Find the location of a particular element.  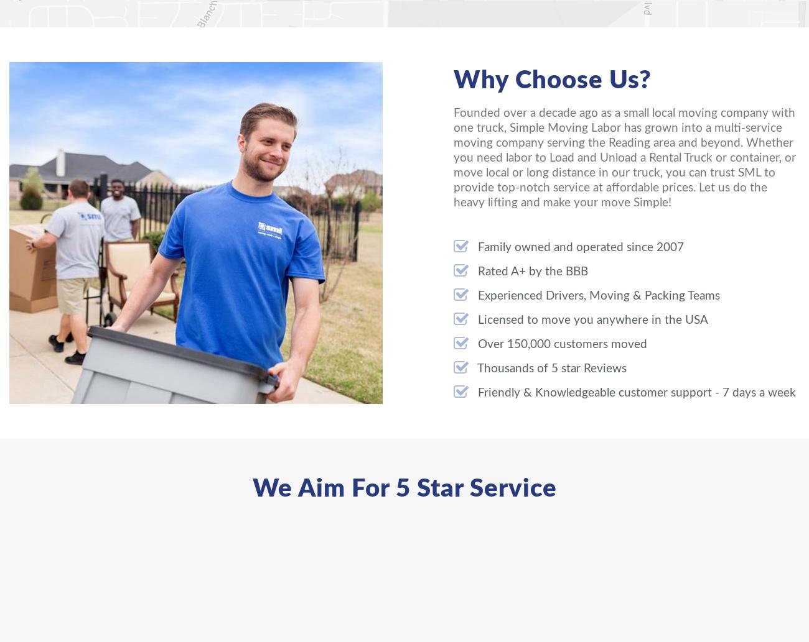

'Founded over a decade ago as a small local moving company with one truck, Simple Moving Labor has grown into a multi-service moving company serving the Reading area and beyond. Whether you need labor to Load and Unload a Rental Truck or container, or move local or long distance in our truck, you can trust SML to provide top-notch service at affordable prices. Let us do the heavy lifting and make your move Simple!' is located at coordinates (624, 157).